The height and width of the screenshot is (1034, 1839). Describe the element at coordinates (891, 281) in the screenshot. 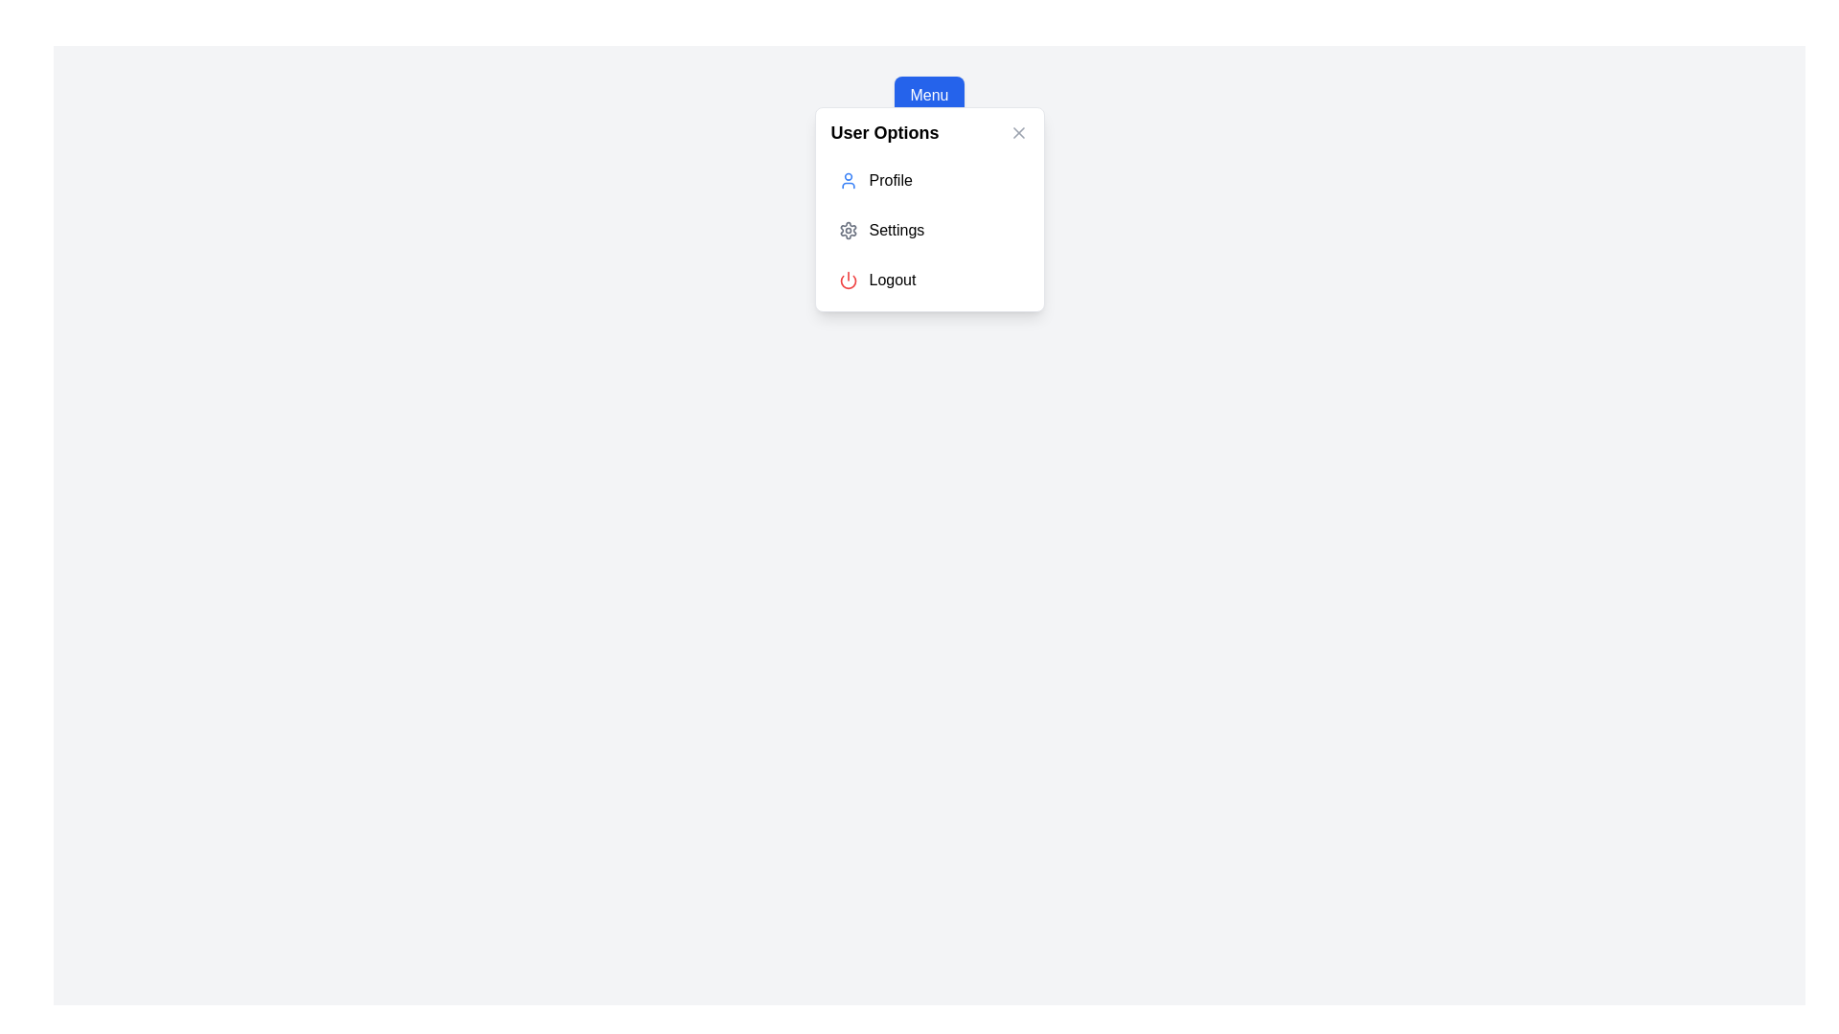

I see `the 'Logout' text label in the 'User Options' dropdown menu` at that location.